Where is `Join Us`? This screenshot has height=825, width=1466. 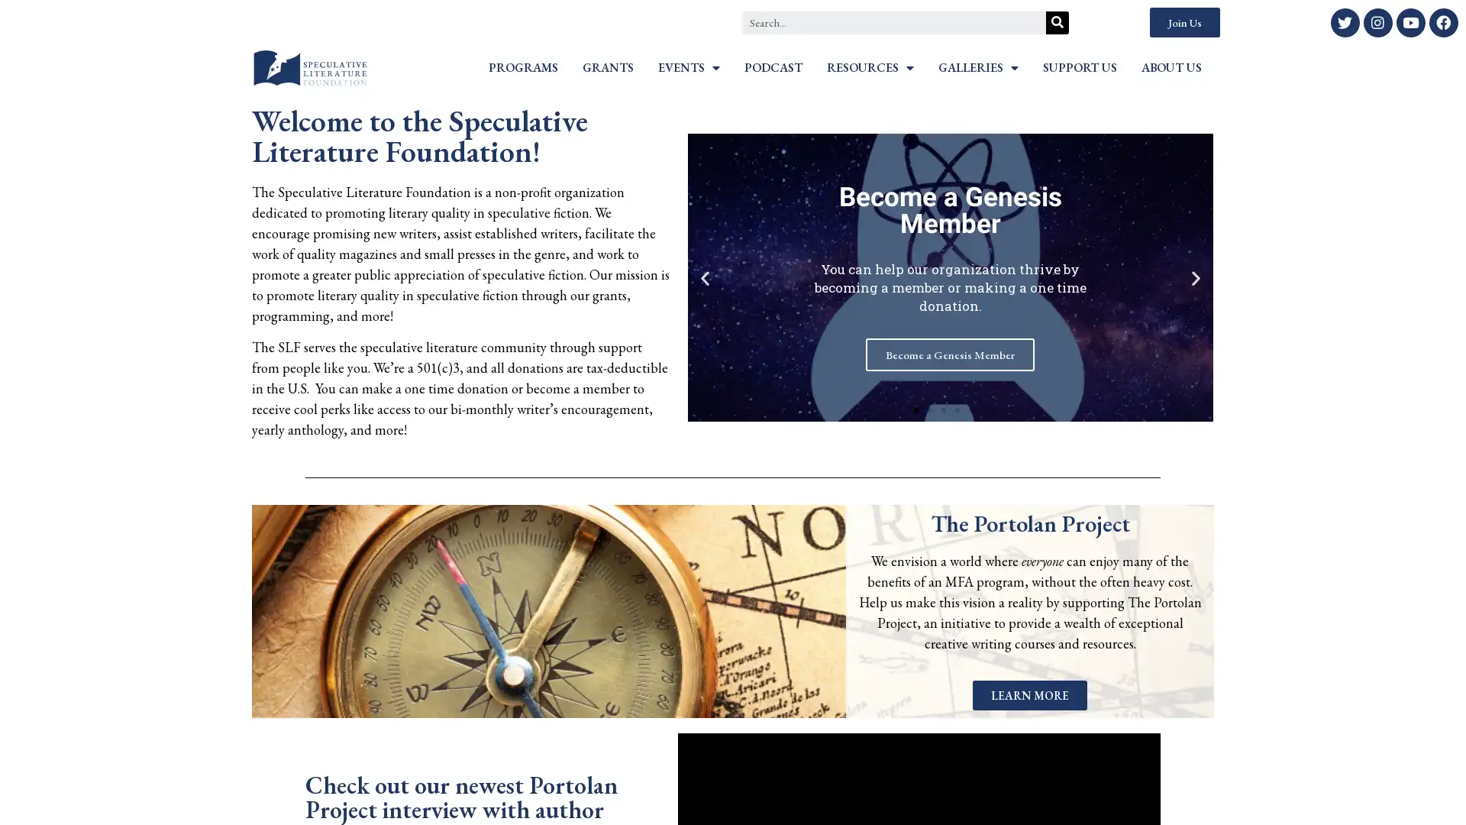 Join Us is located at coordinates (1183, 22).